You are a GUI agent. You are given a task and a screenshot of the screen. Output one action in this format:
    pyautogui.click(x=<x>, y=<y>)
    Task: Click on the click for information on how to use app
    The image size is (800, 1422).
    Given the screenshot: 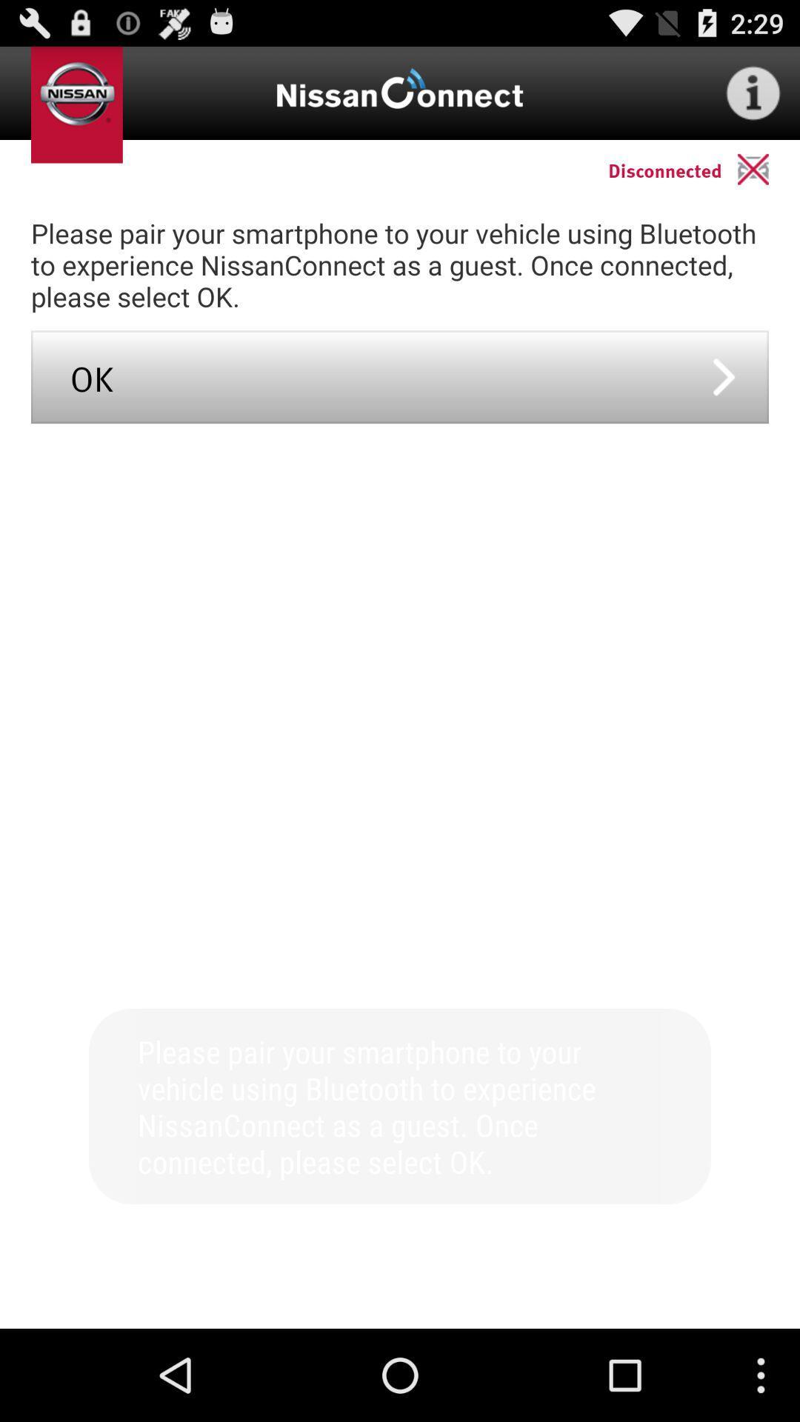 What is the action you would take?
    pyautogui.click(x=753, y=92)
    